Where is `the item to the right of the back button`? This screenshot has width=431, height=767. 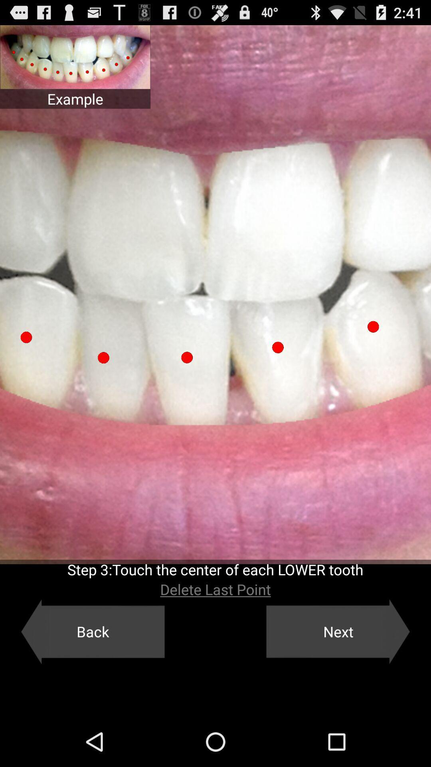 the item to the right of the back button is located at coordinates (338, 631).